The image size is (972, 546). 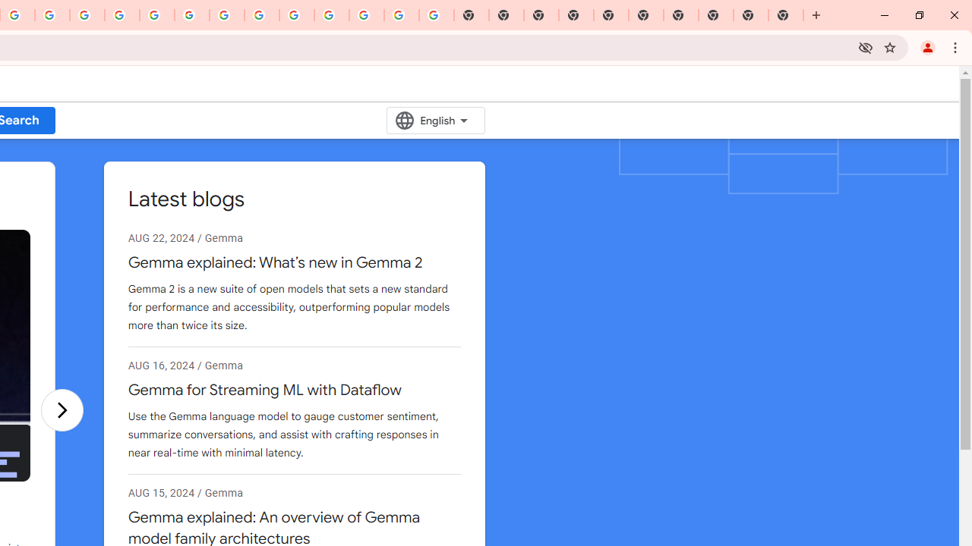 I want to click on 'Google Images', so click(x=435, y=15).